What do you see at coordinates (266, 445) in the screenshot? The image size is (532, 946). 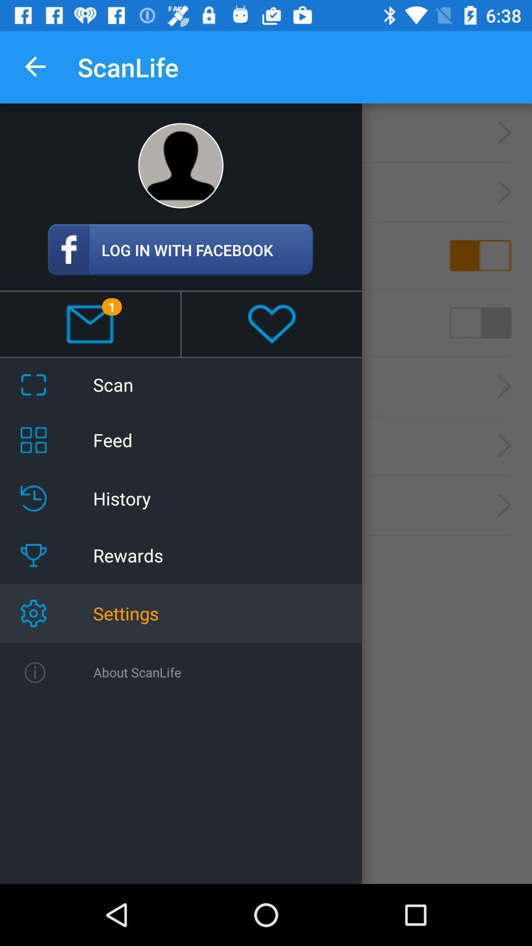 I see `the option below the scan` at bounding box center [266, 445].